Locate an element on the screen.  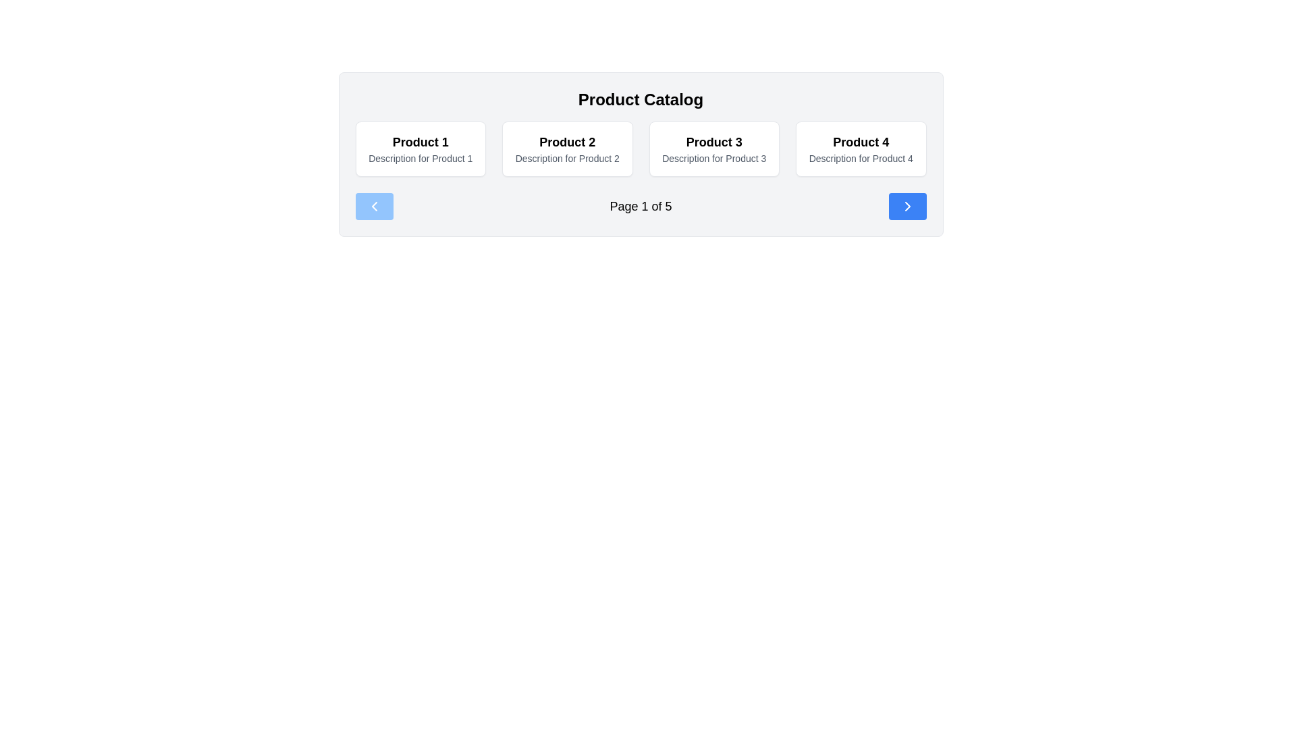
the text label 'Description for Product 3' is located at coordinates (713, 158).